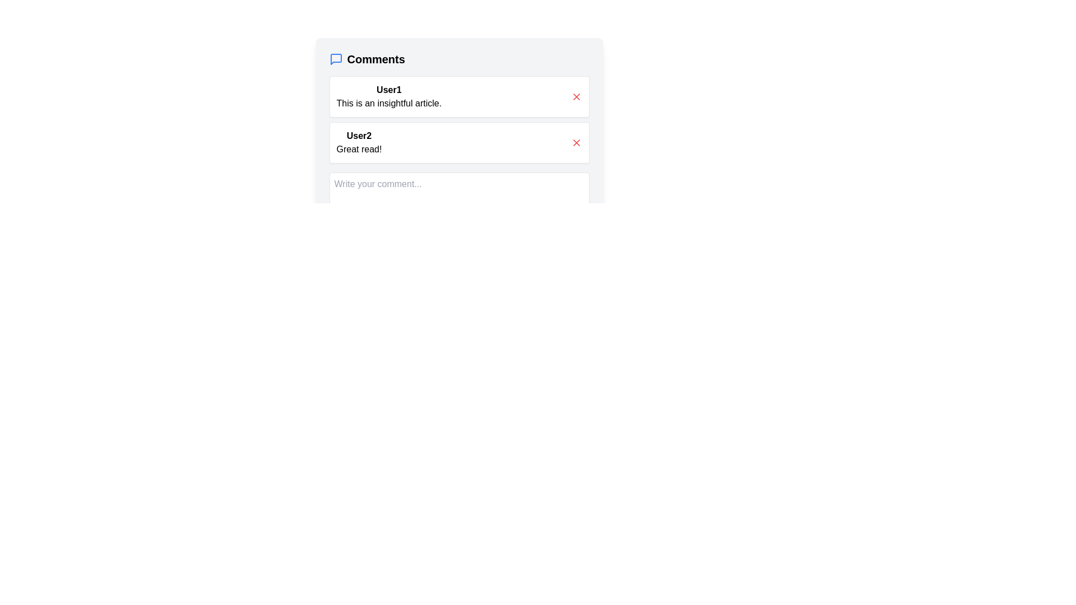 This screenshot has width=1076, height=605. I want to click on text displayed in the label showing the name 'User1', which is positioned at the top-left corner of the user comment box, directly above the comment text, so click(389, 90).